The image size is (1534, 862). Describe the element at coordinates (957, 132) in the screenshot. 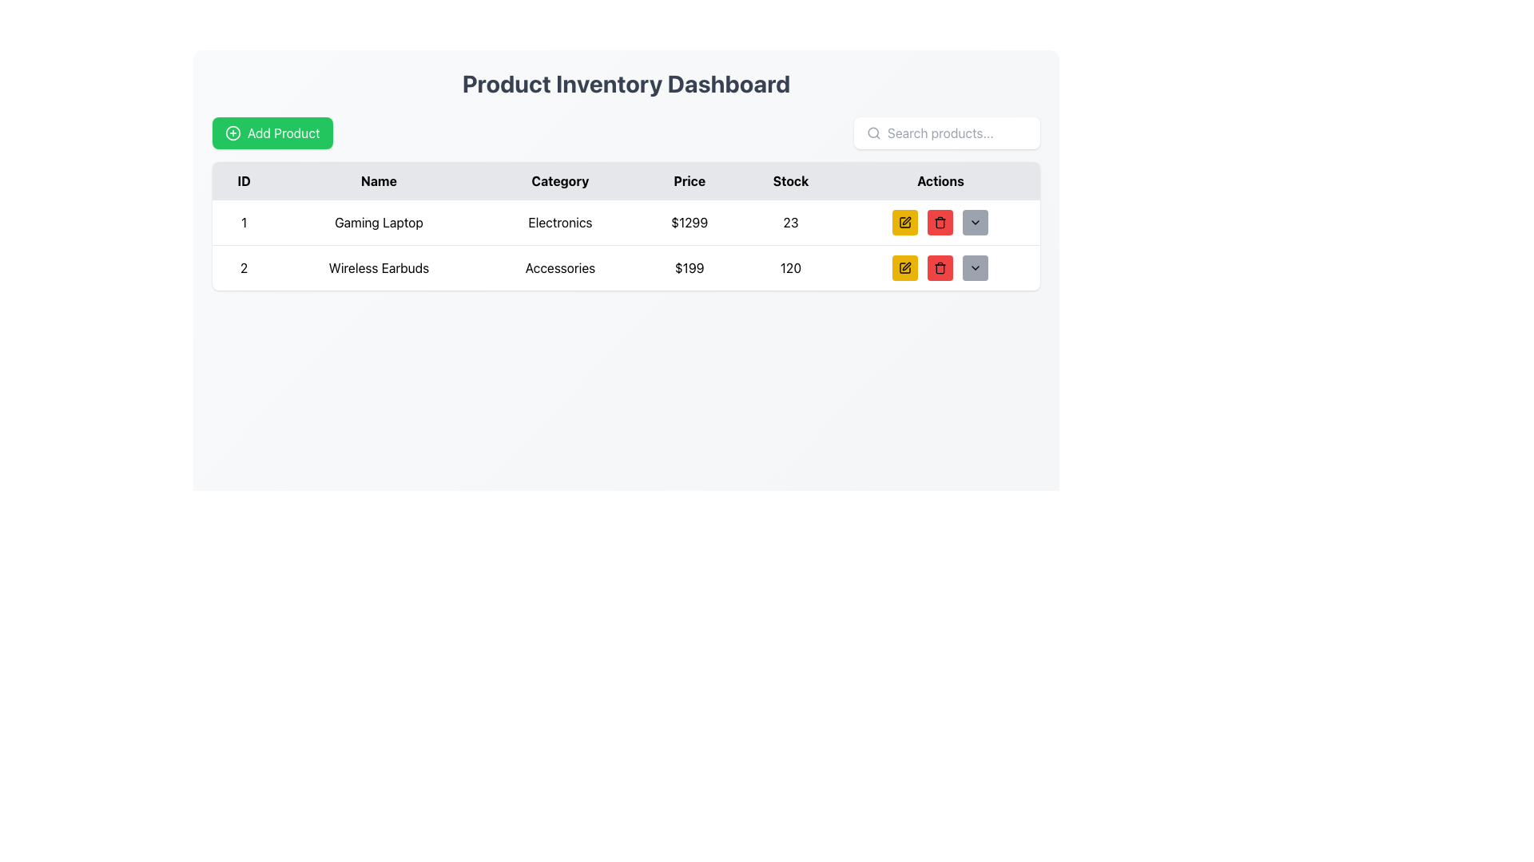

I see `the text input field with placeholder 'Search products...' located in the top-right corner of the interface to trigger the tooltip or focus effect` at that location.